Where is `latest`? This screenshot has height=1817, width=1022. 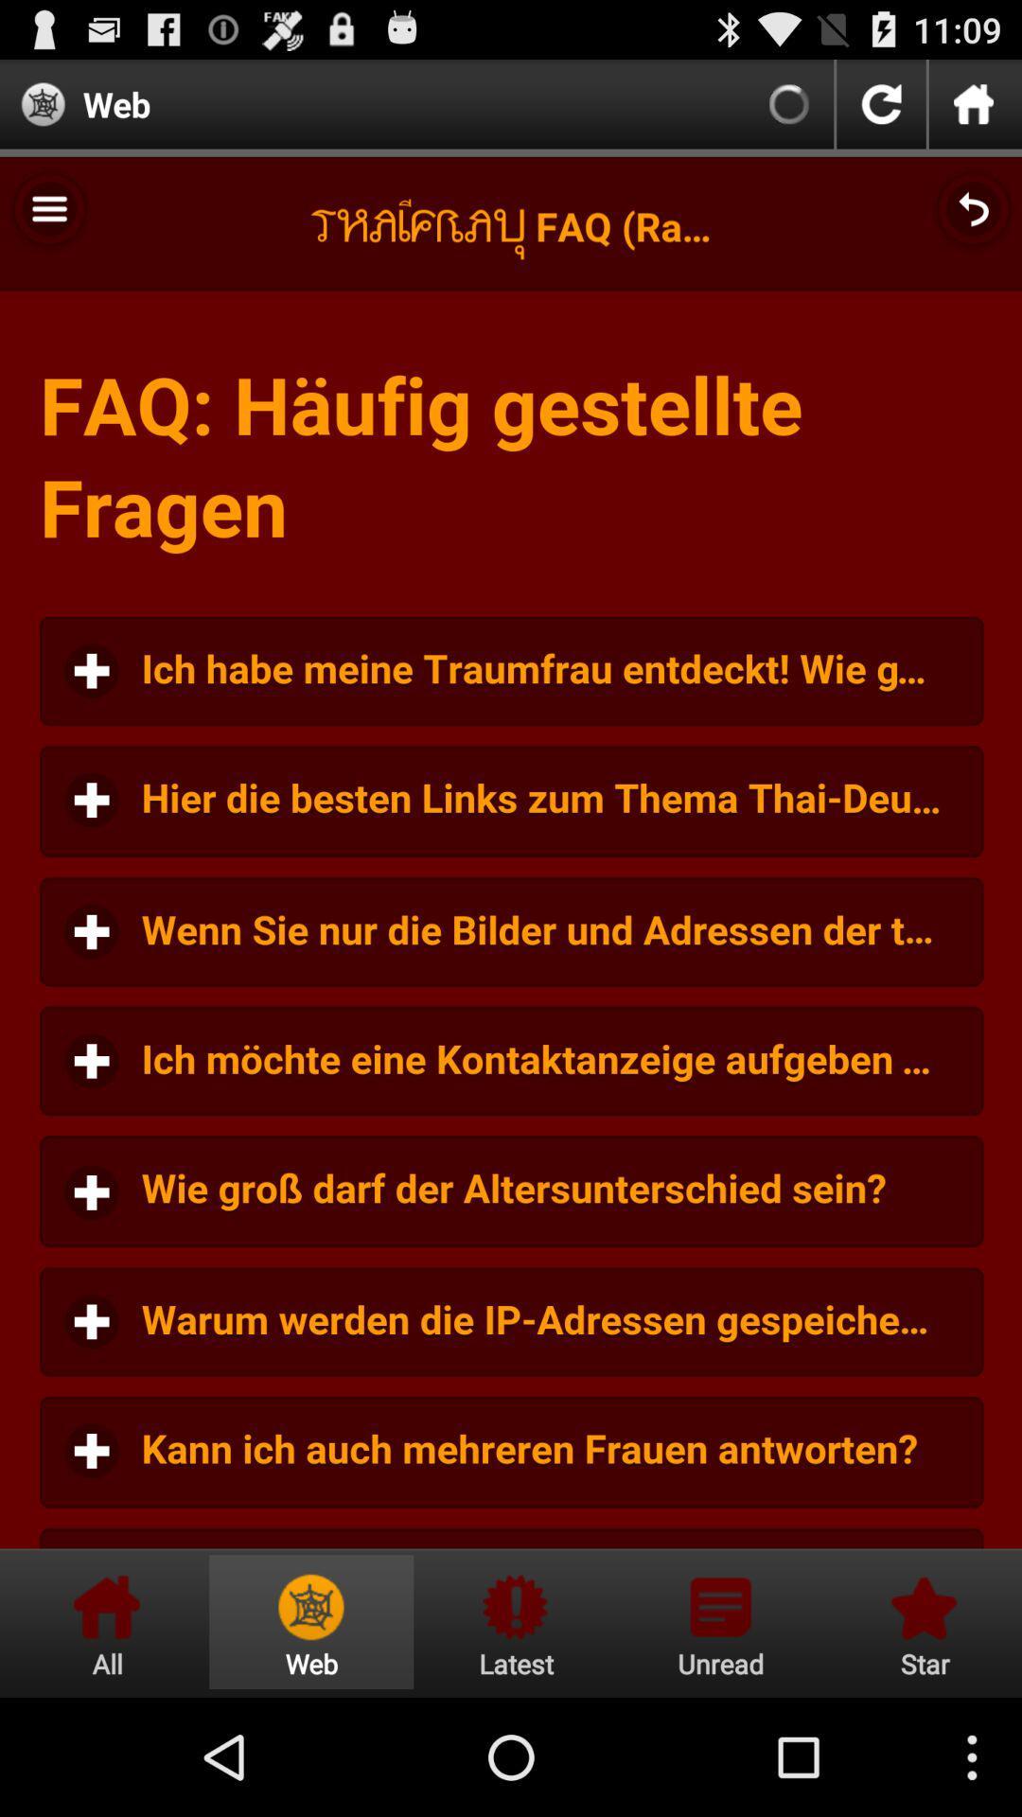 latest is located at coordinates (516, 1621).